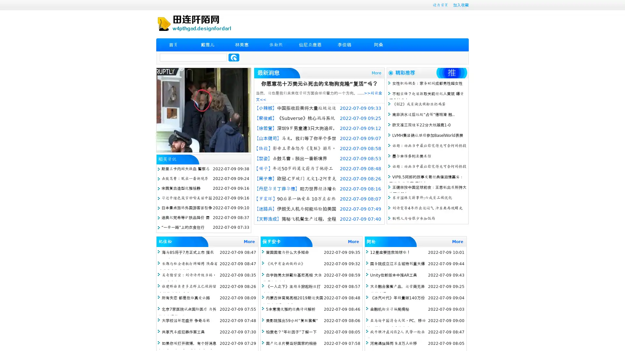 This screenshot has width=625, height=351. I want to click on Search, so click(234, 57).